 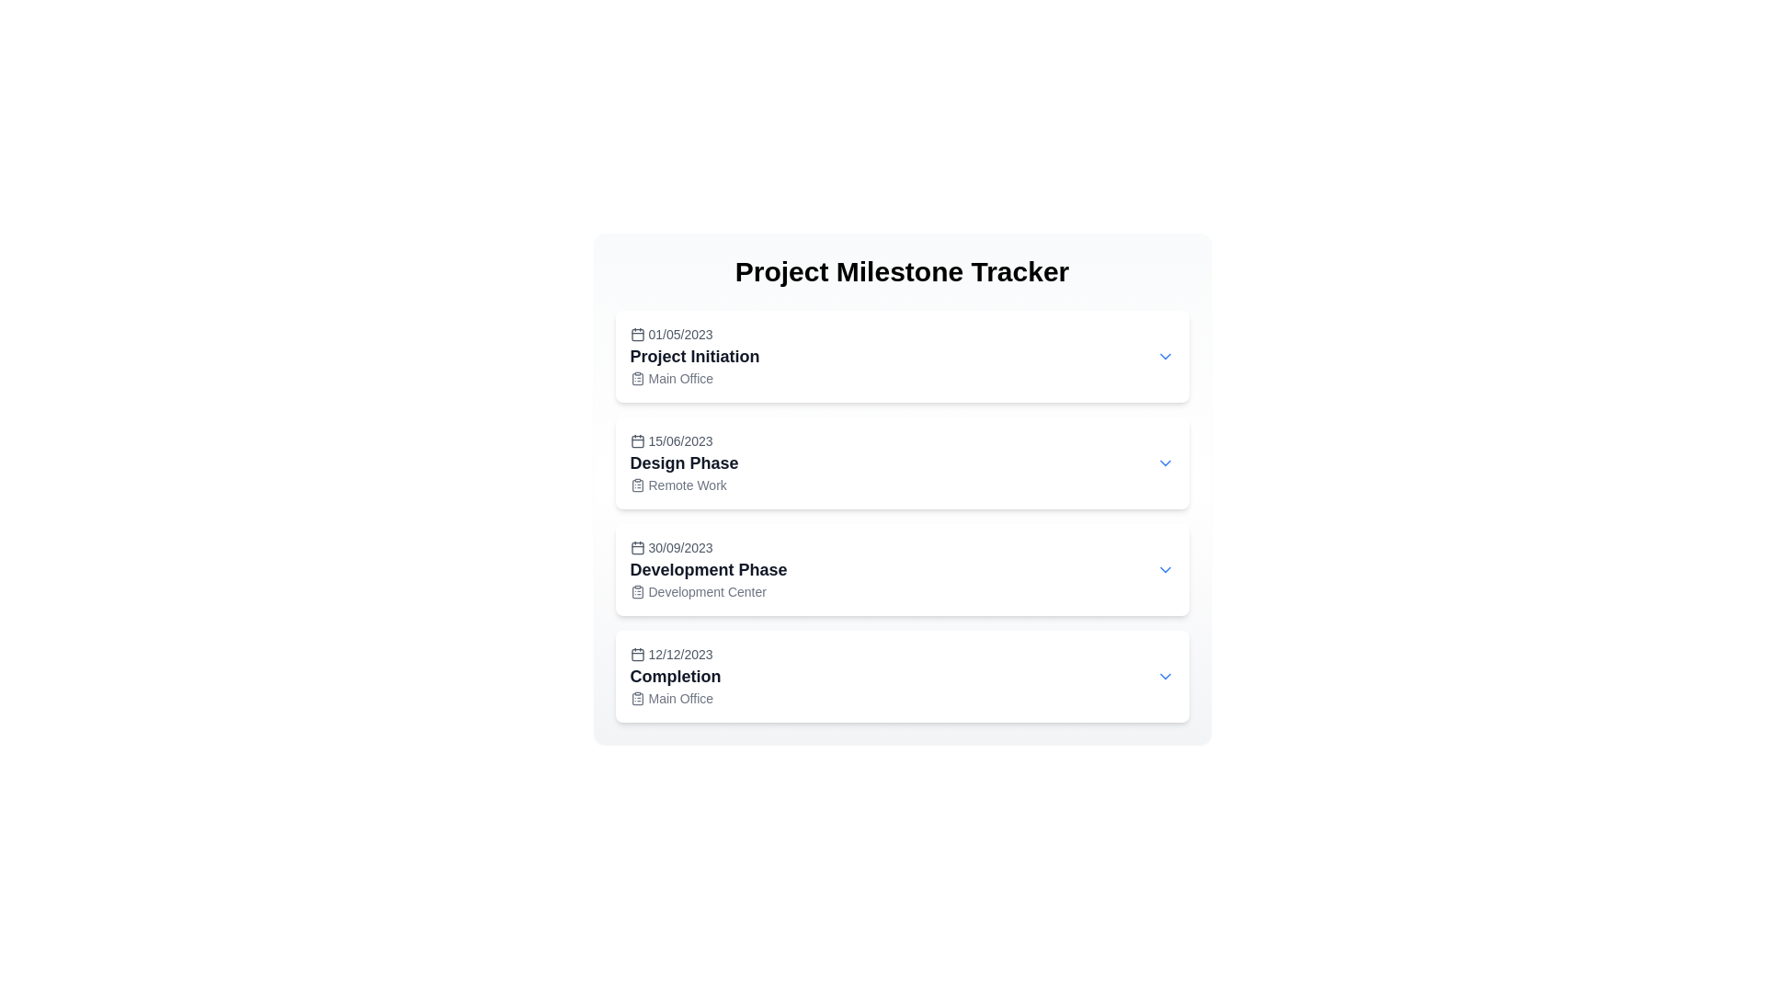 I want to click on the calendar icon, which is gray and located to the left of the date '12/12/2023' in the fourth row of list items, so click(x=637, y=654).